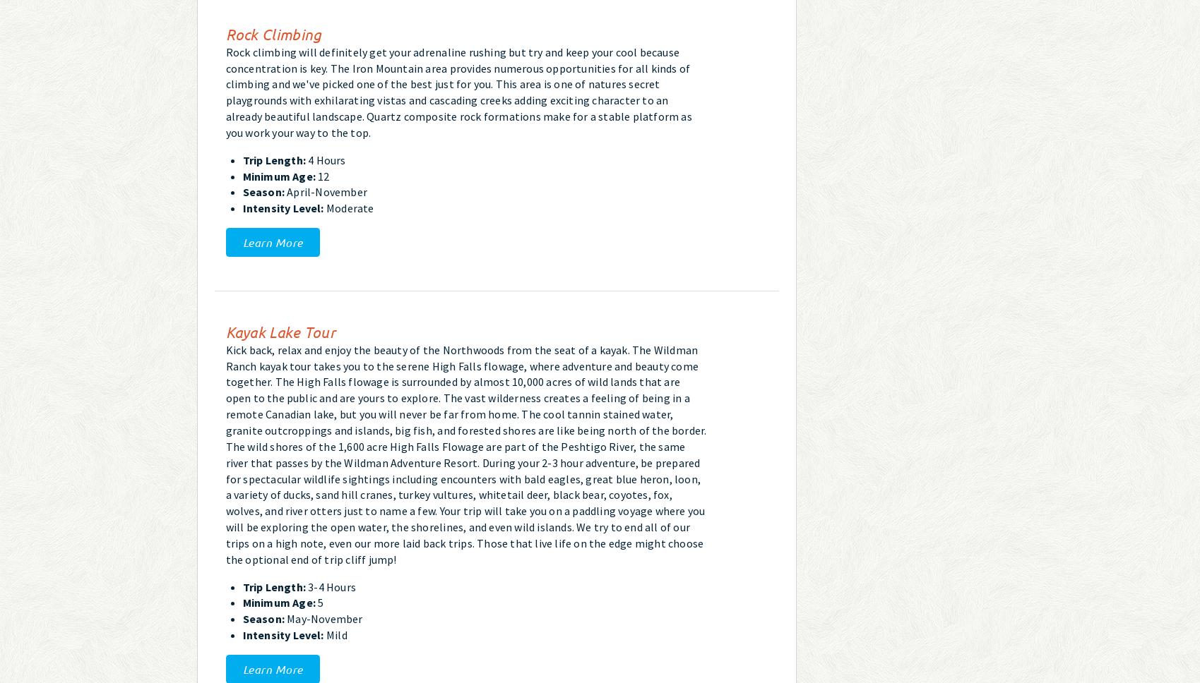  What do you see at coordinates (322, 175) in the screenshot?
I see `'12'` at bounding box center [322, 175].